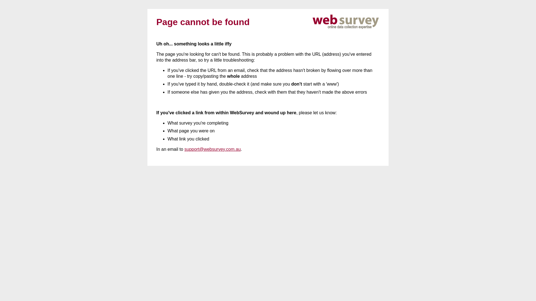 Image resolution: width=536 pixels, height=301 pixels. I want to click on 'support@websurvey.com.au', so click(212, 149).